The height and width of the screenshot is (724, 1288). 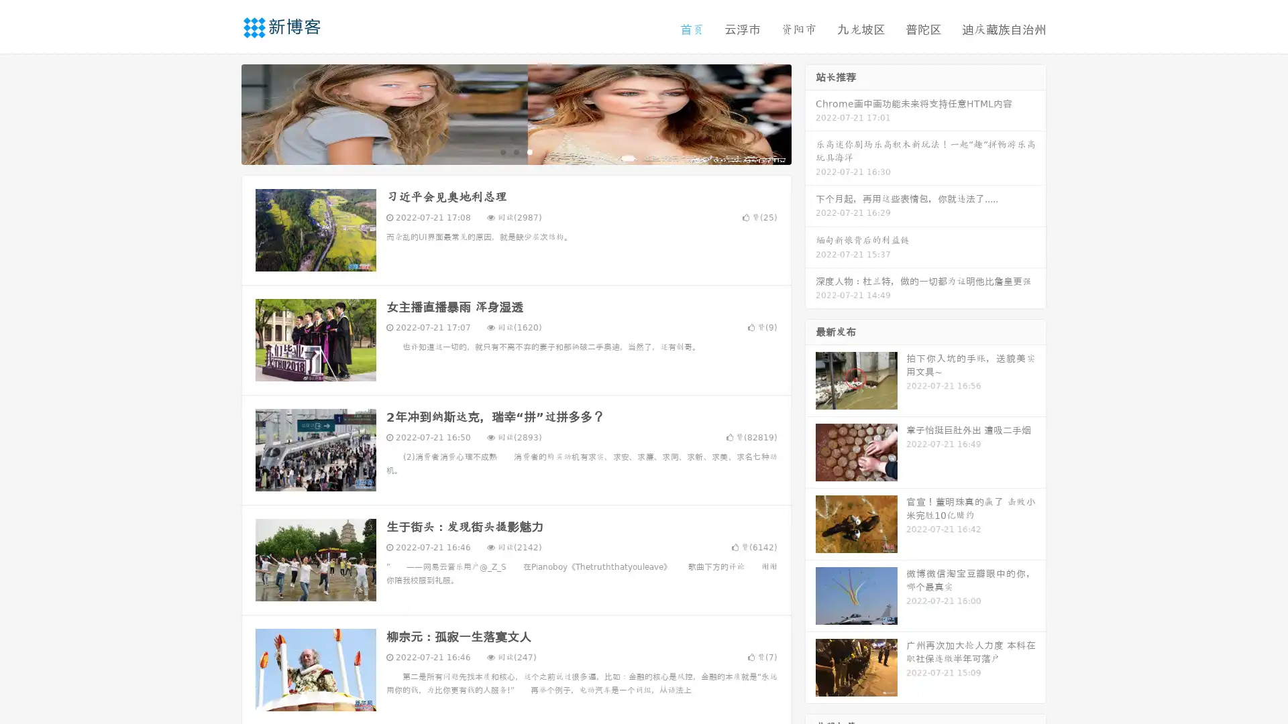 What do you see at coordinates (529, 151) in the screenshot?
I see `Go to slide 3` at bounding box center [529, 151].